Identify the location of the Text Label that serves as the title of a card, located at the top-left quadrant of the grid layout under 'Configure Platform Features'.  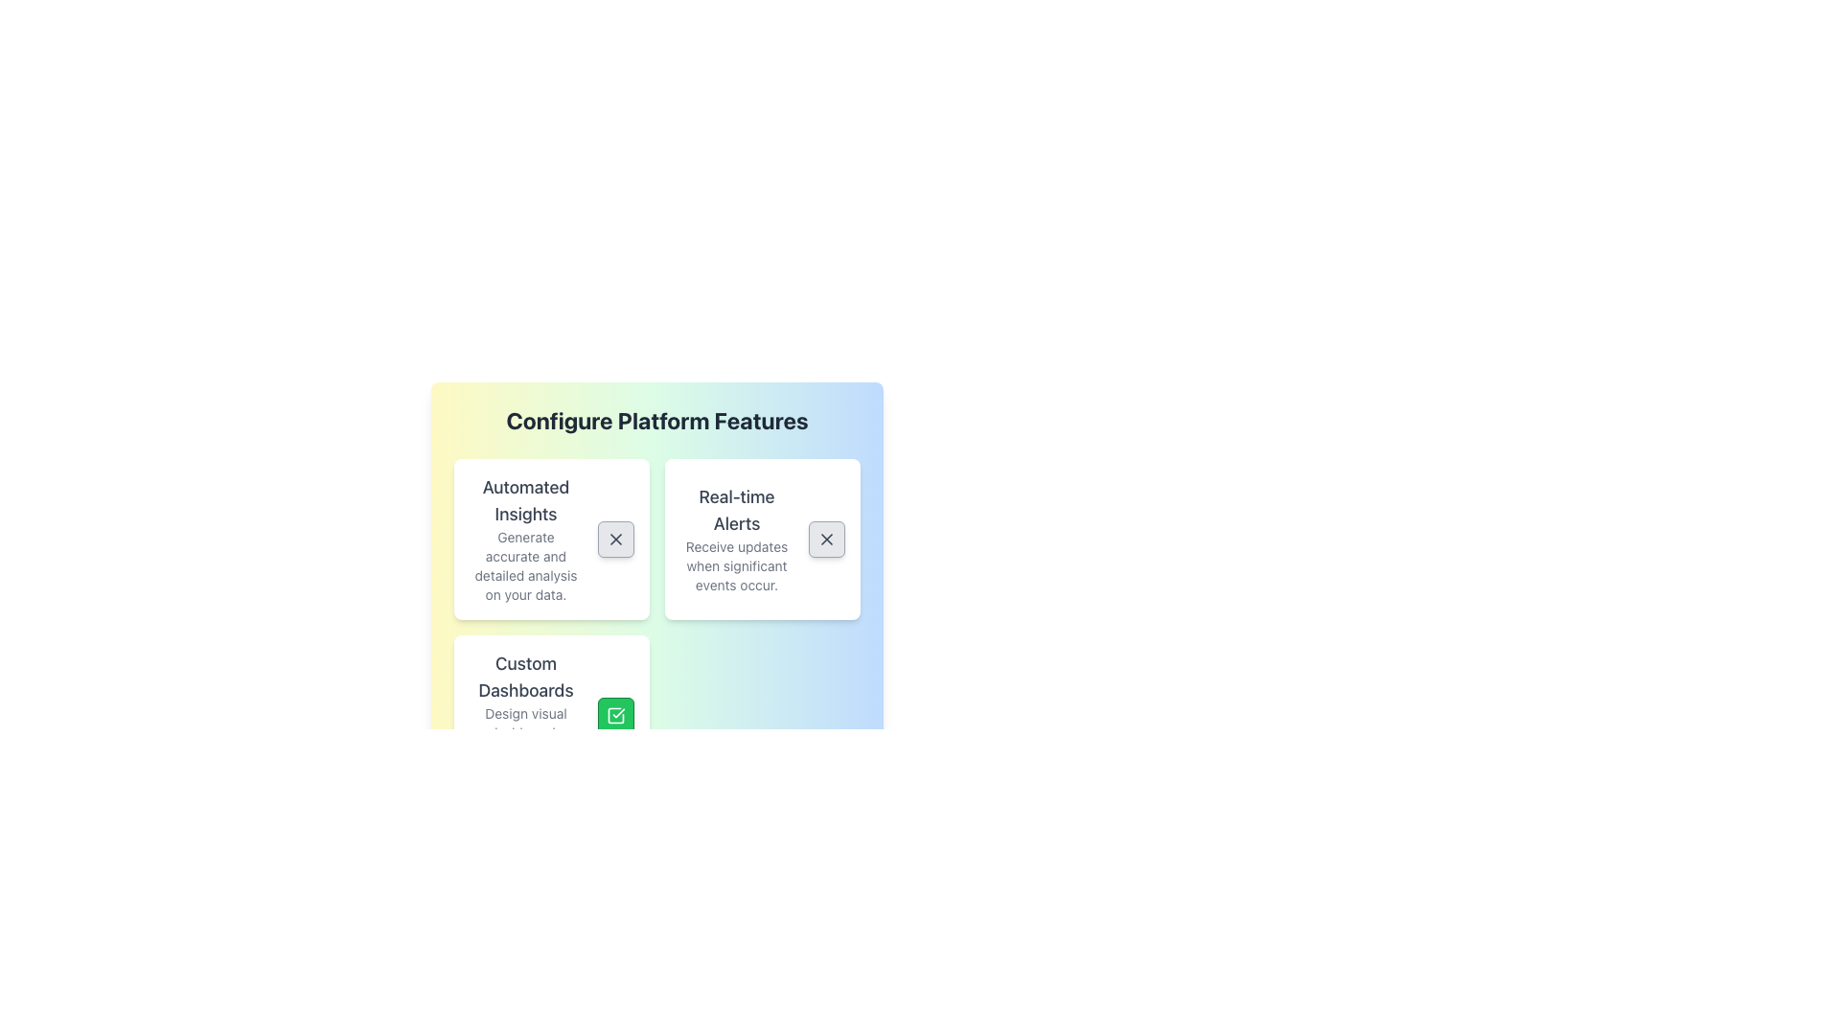
(525, 500).